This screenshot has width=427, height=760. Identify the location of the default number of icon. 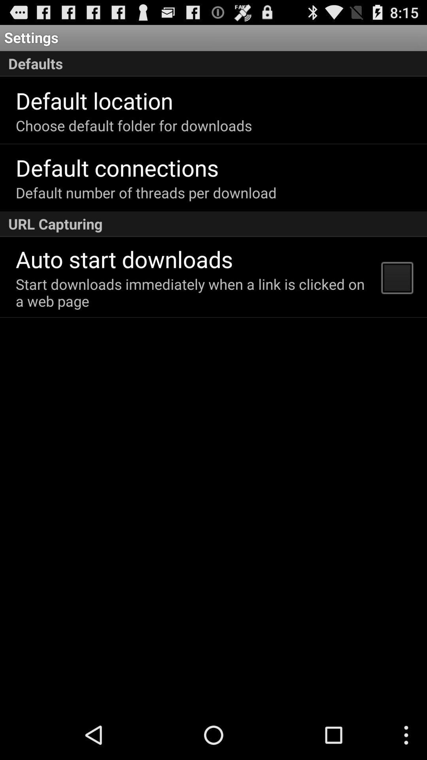
(146, 192).